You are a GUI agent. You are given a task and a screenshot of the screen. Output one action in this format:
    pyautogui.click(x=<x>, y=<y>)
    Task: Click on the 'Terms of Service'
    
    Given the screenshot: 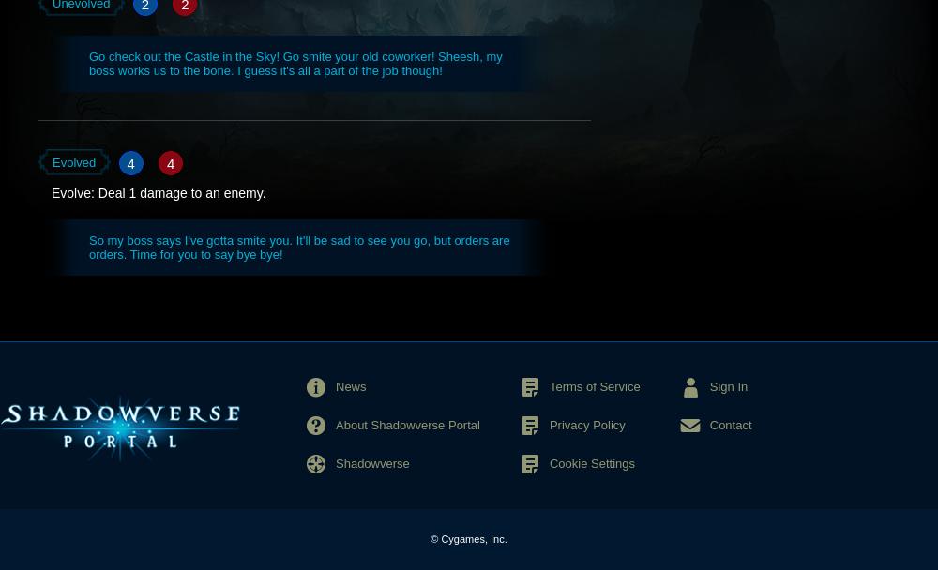 What is the action you would take?
    pyautogui.click(x=594, y=386)
    